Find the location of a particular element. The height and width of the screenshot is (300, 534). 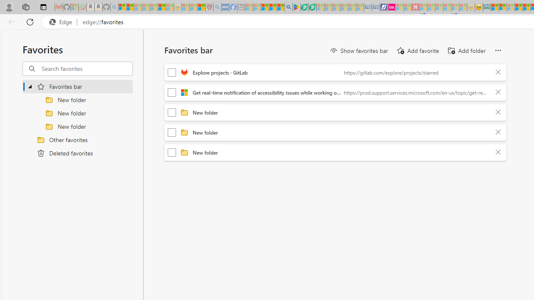

'Recipes - MSN - Sleeping' is located at coordinates (185, 7).